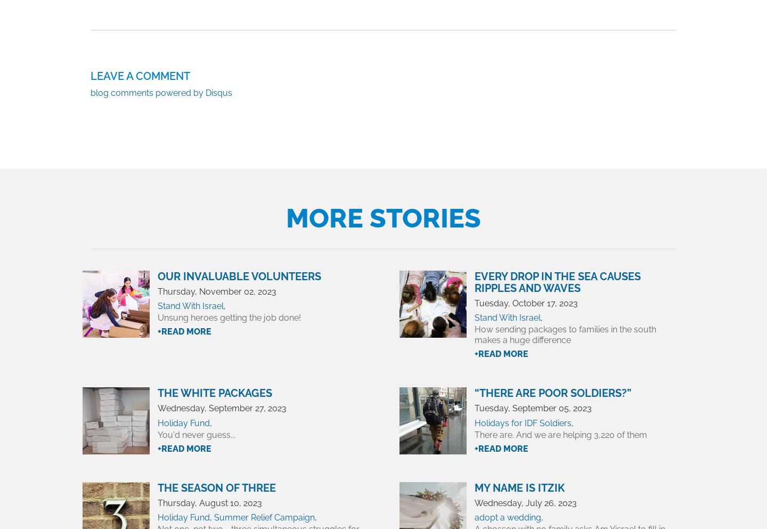  Describe the element at coordinates (214, 393) in the screenshot. I see `'The White Packages'` at that location.